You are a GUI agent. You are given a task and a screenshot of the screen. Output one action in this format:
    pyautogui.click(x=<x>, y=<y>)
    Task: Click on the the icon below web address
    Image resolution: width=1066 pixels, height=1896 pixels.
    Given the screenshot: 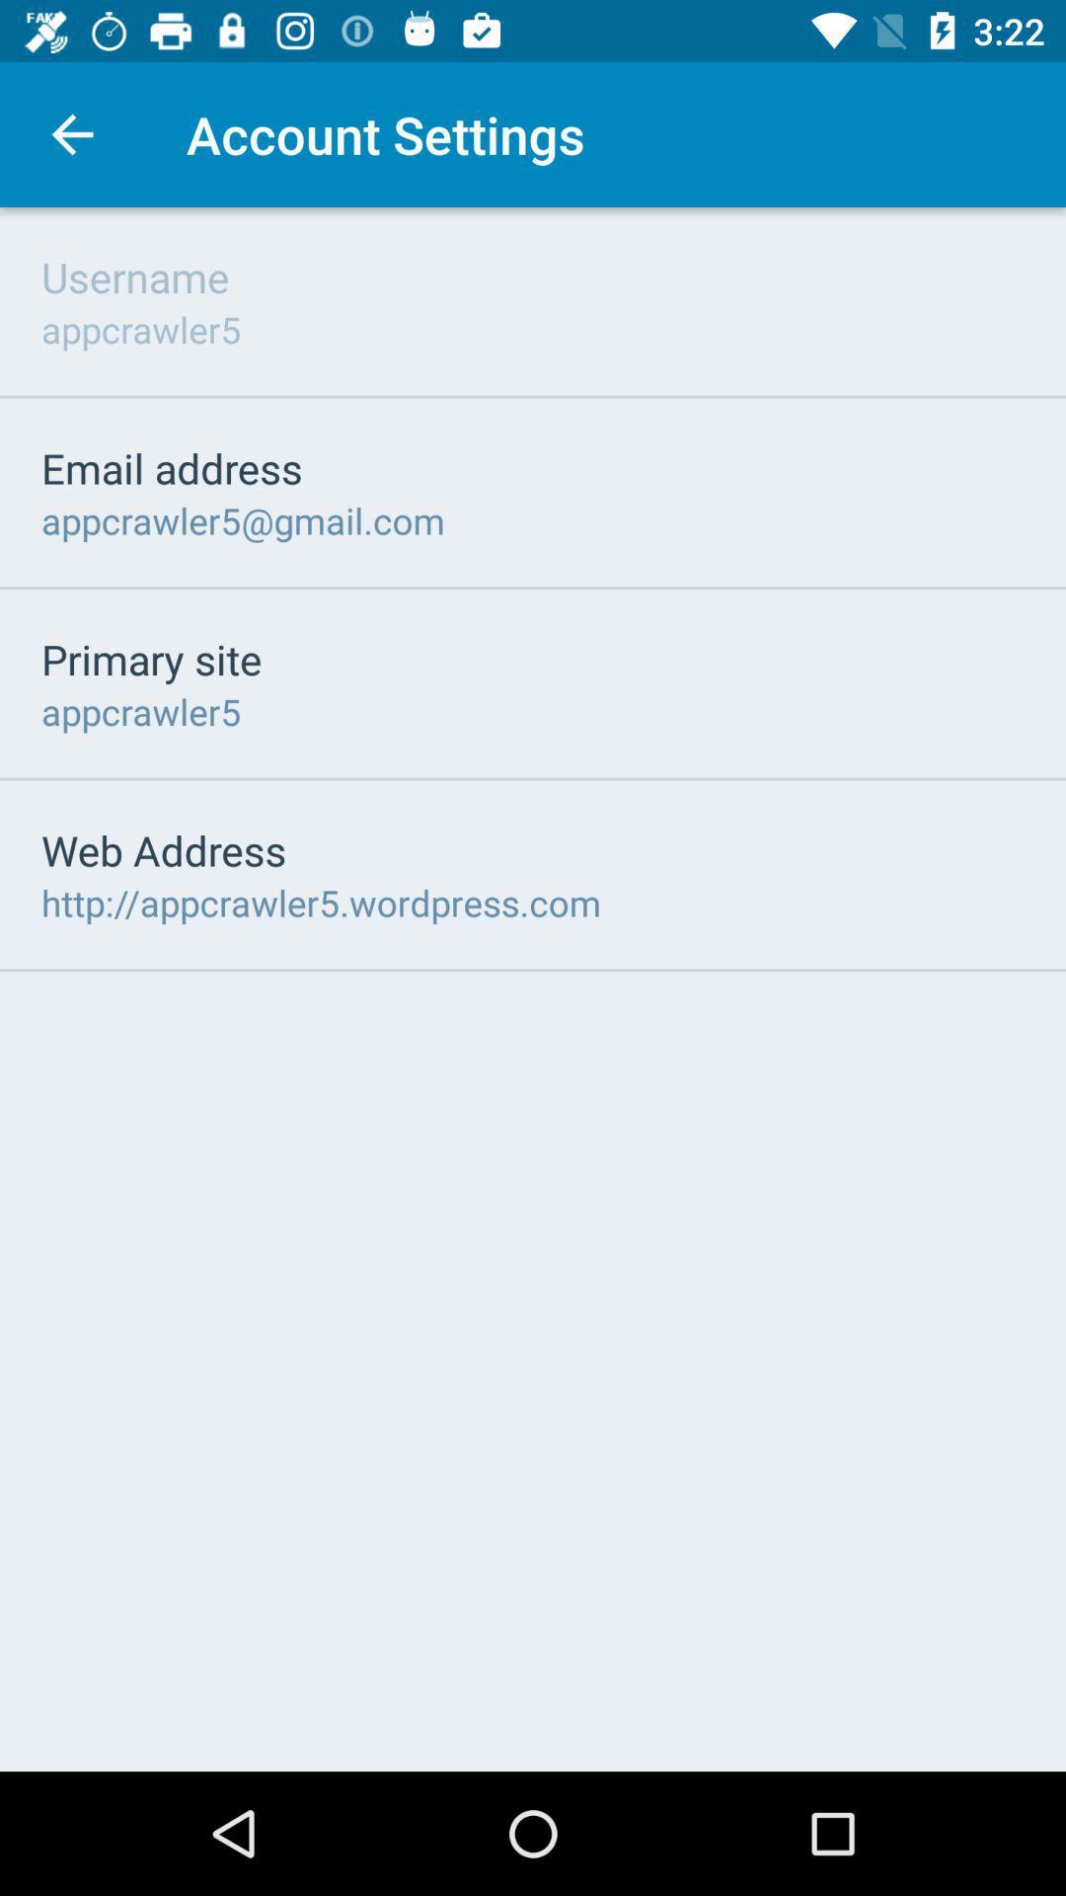 What is the action you would take?
    pyautogui.click(x=320, y=902)
    